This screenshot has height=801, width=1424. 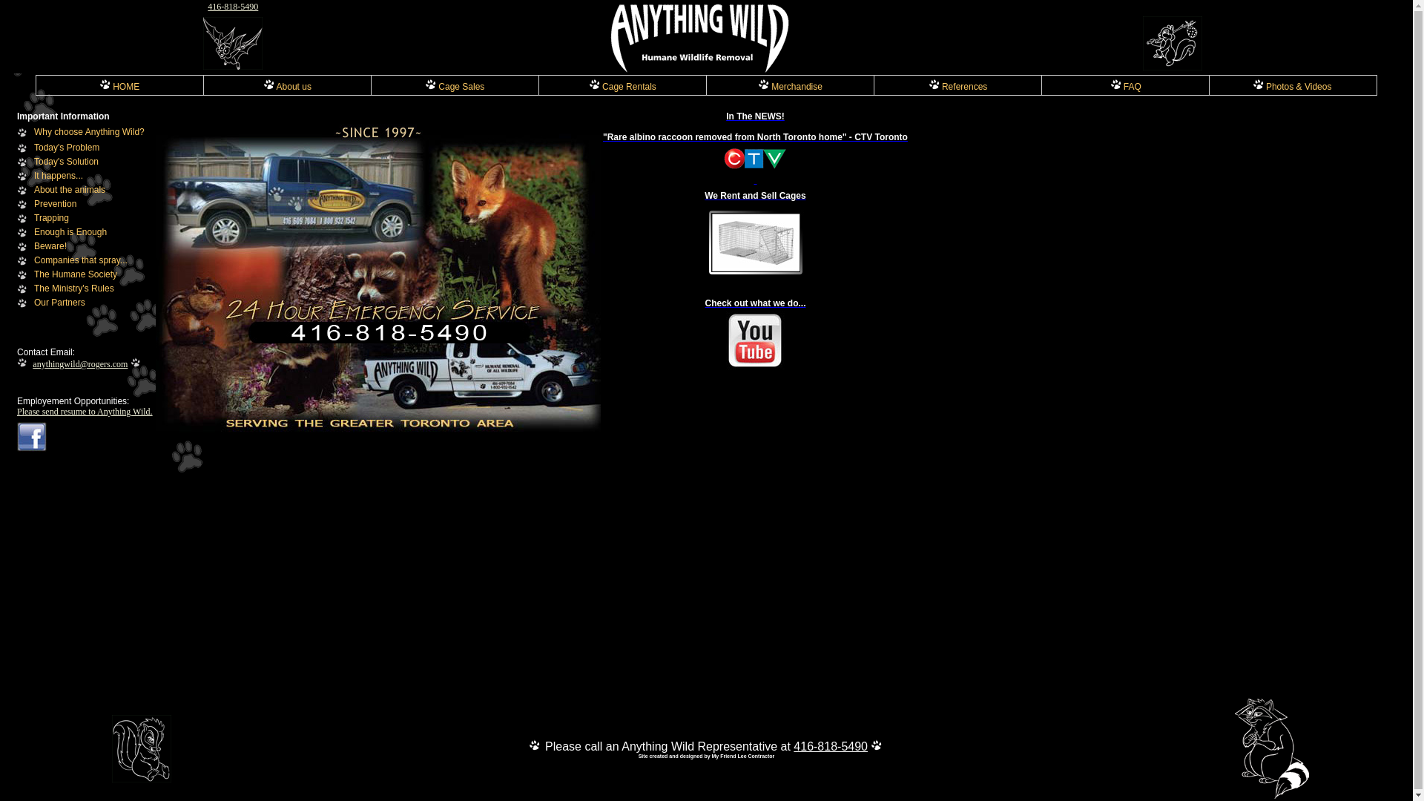 What do you see at coordinates (1125, 86) in the screenshot?
I see `'FAQ'` at bounding box center [1125, 86].